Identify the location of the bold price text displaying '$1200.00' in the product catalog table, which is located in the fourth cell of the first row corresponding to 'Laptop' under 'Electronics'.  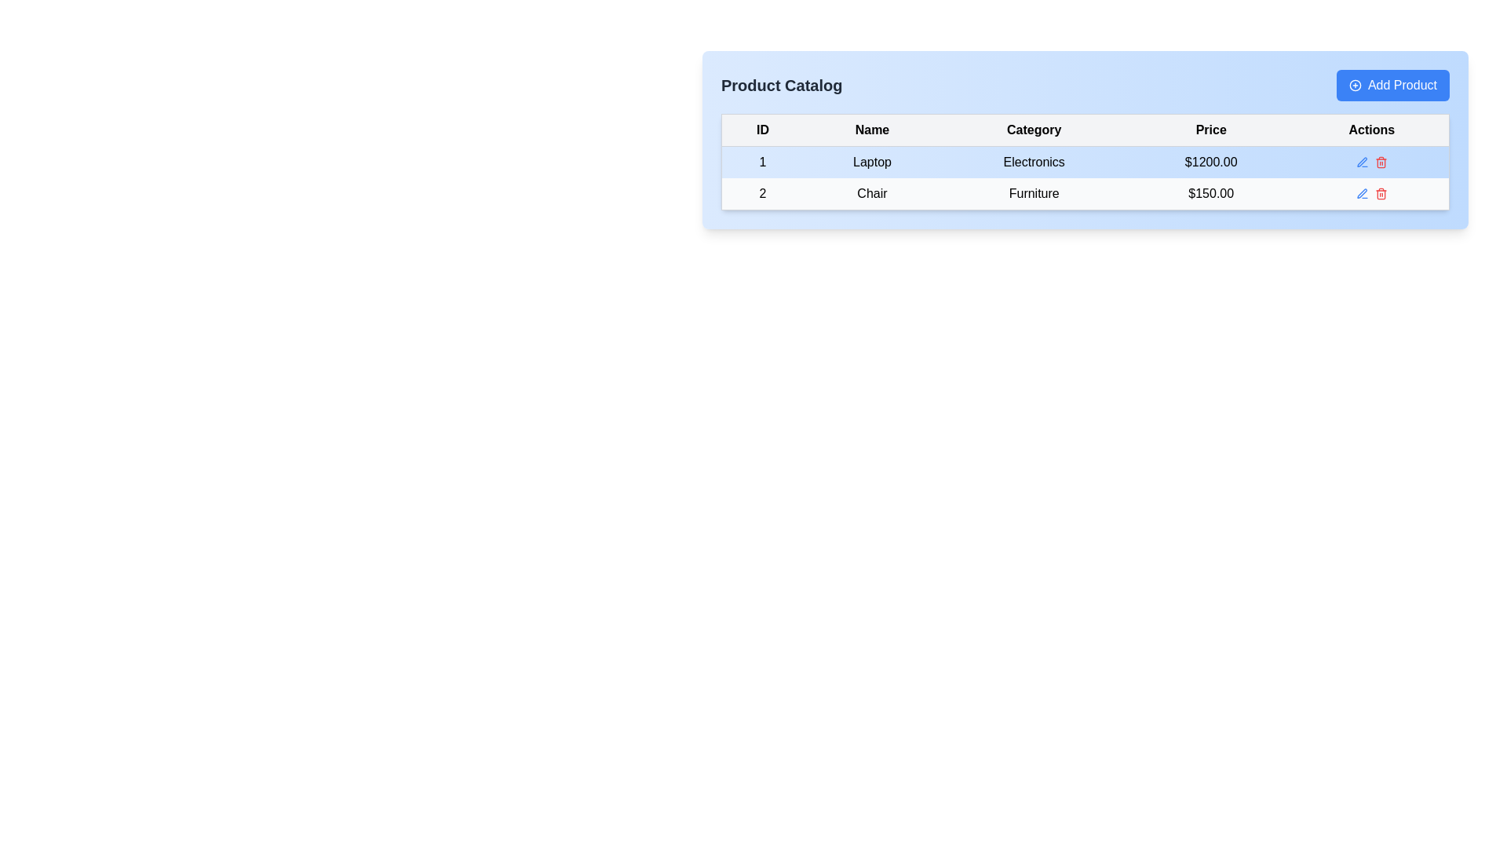
(1210, 162).